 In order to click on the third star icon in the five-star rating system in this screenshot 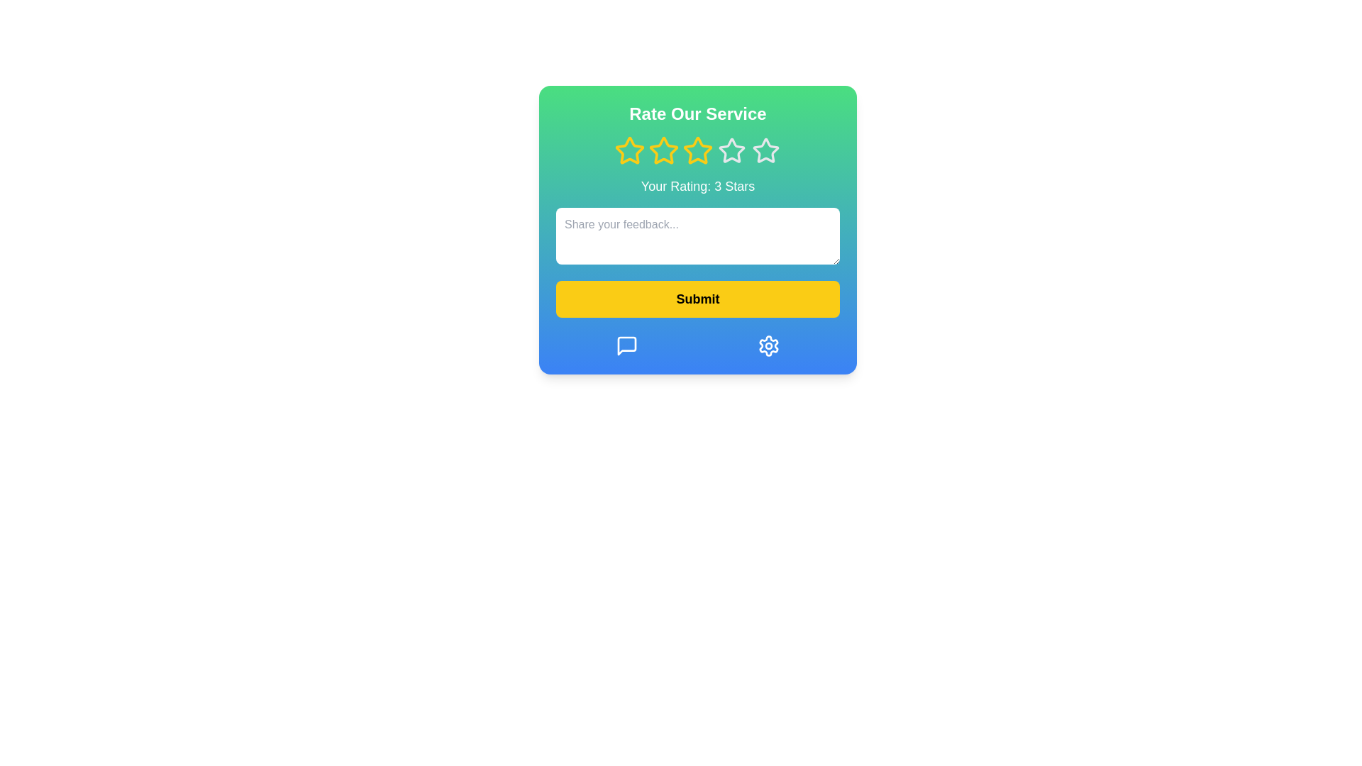, I will do `click(663, 150)`.